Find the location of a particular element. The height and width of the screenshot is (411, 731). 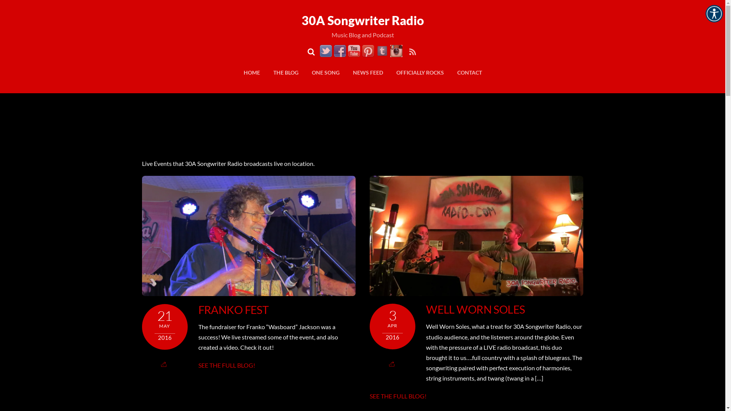

'WELL WORN SOLES' is located at coordinates (475, 309).